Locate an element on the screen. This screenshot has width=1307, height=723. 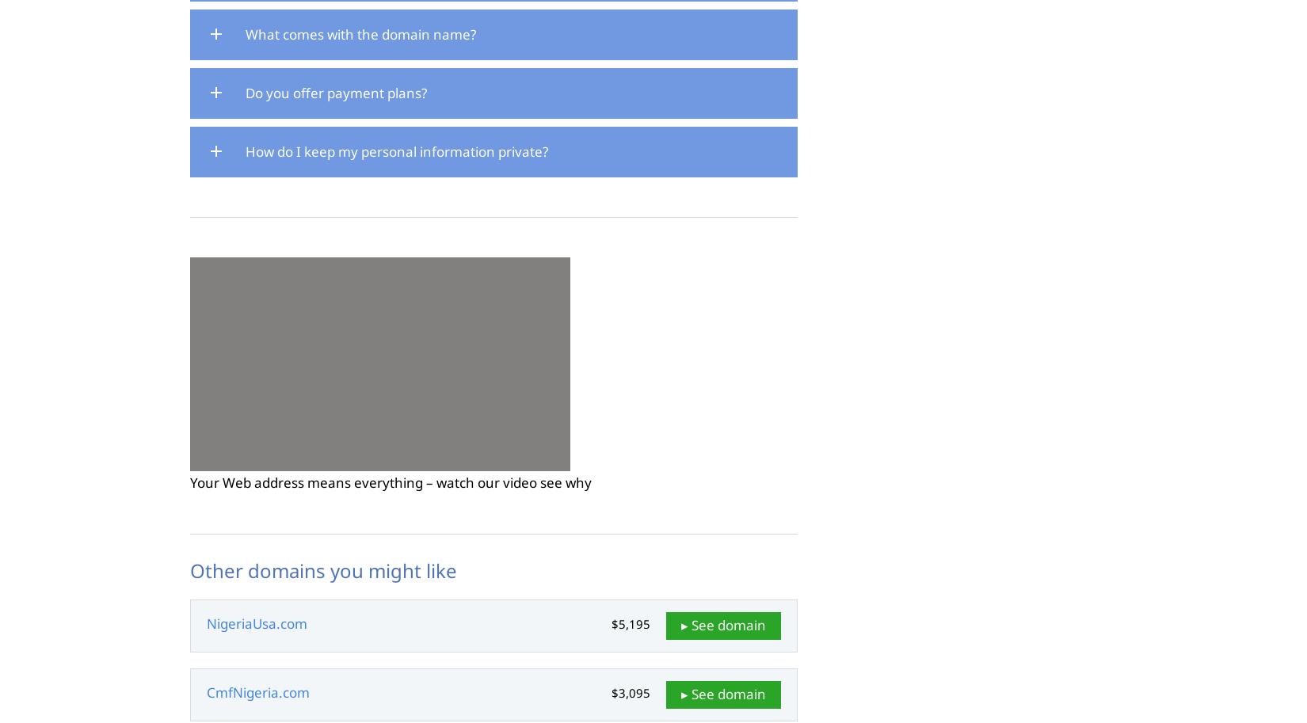
'Other domains you might like' is located at coordinates (323, 569).